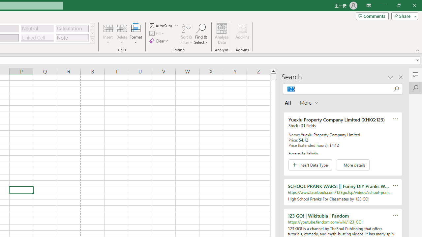  I want to click on 'Fill', so click(157, 33).